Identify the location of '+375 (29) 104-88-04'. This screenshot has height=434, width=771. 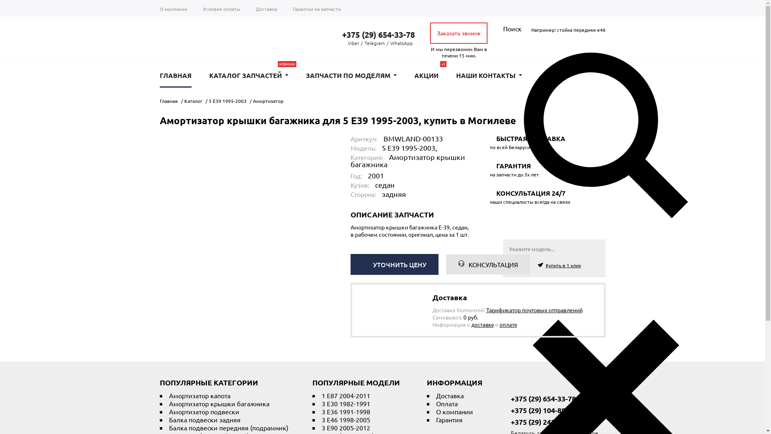
(539, 410).